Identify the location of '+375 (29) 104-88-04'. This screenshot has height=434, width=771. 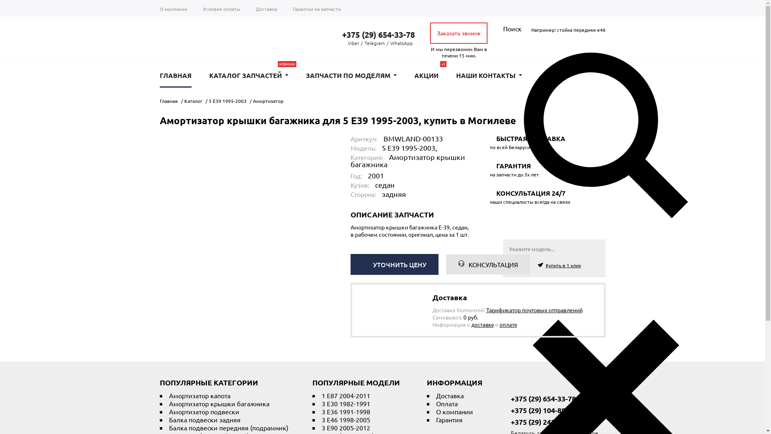
(539, 410).